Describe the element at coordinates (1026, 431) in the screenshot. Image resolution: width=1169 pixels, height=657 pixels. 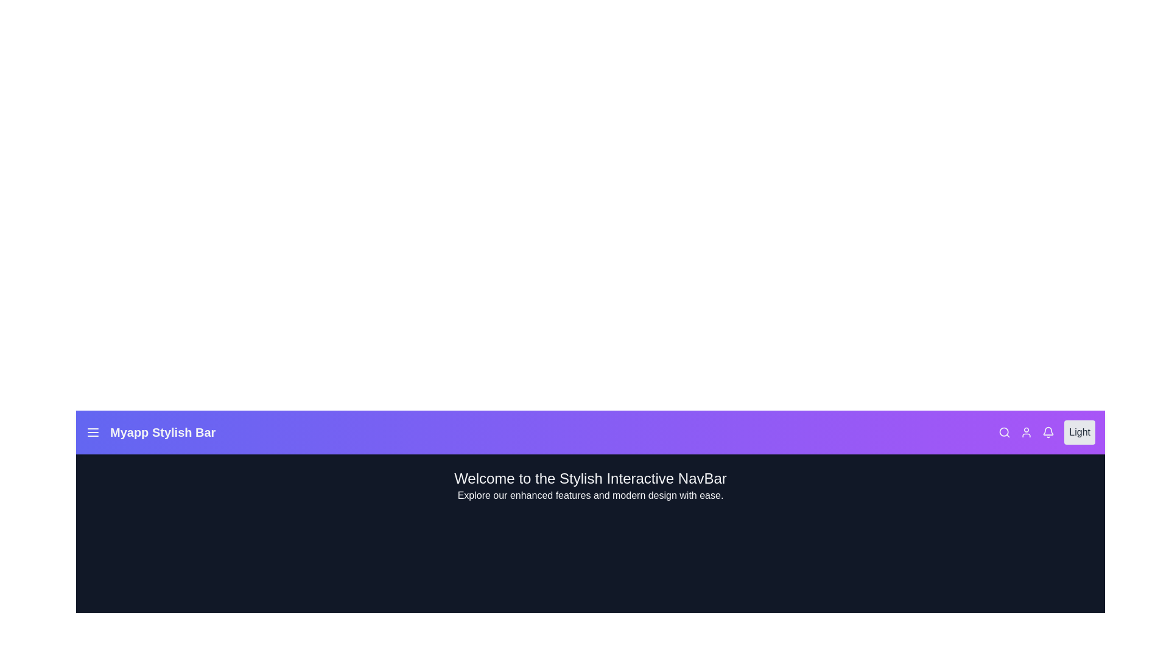
I see `the user icon to access user settings or profile` at that location.